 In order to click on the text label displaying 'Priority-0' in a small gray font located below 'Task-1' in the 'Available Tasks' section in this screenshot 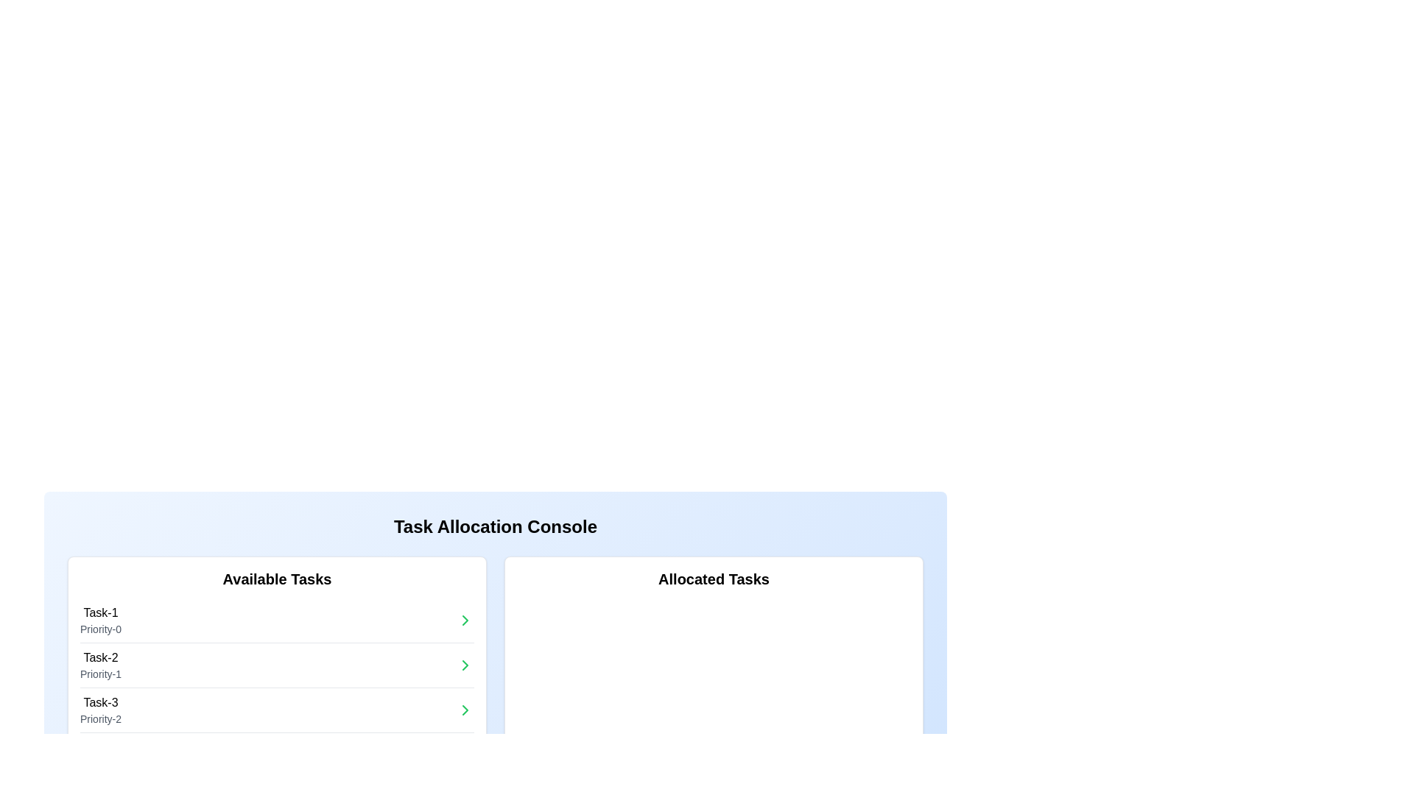, I will do `click(100, 629)`.